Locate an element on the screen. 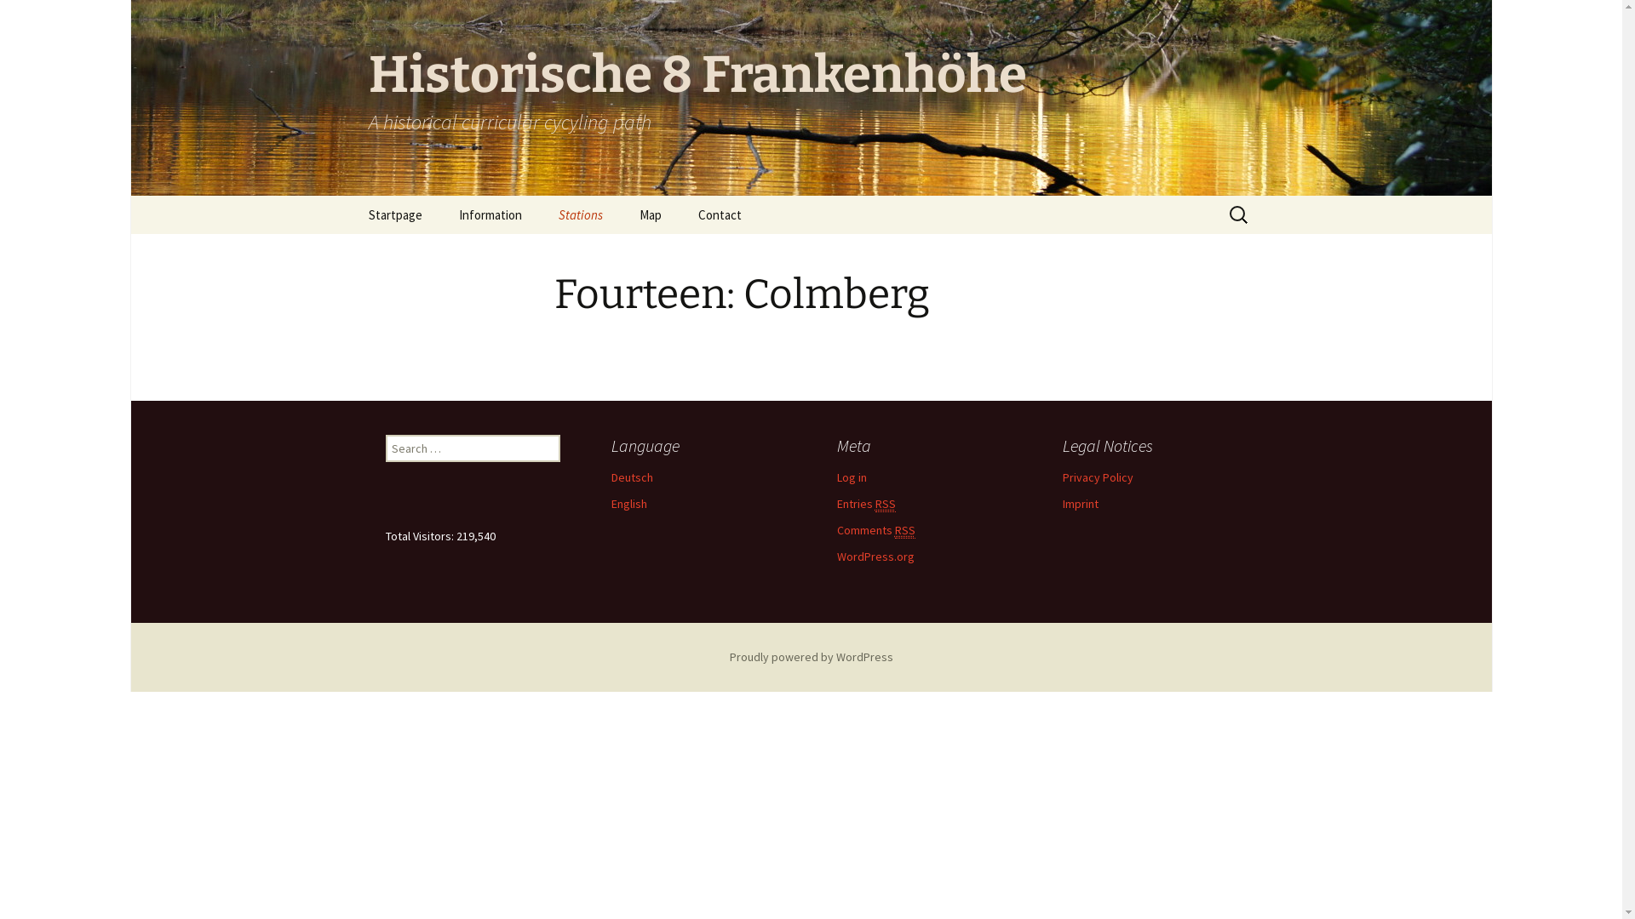 The width and height of the screenshot is (1635, 919). 'Entries RSS' is located at coordinates (865, 503).